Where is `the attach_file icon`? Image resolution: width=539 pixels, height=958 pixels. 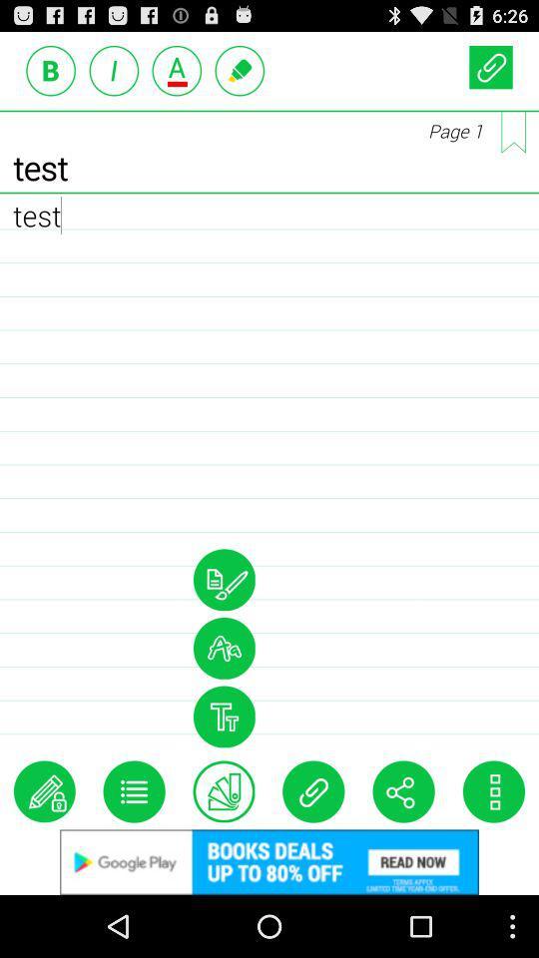
the attach_file icon is located at coordinates (489, 71).